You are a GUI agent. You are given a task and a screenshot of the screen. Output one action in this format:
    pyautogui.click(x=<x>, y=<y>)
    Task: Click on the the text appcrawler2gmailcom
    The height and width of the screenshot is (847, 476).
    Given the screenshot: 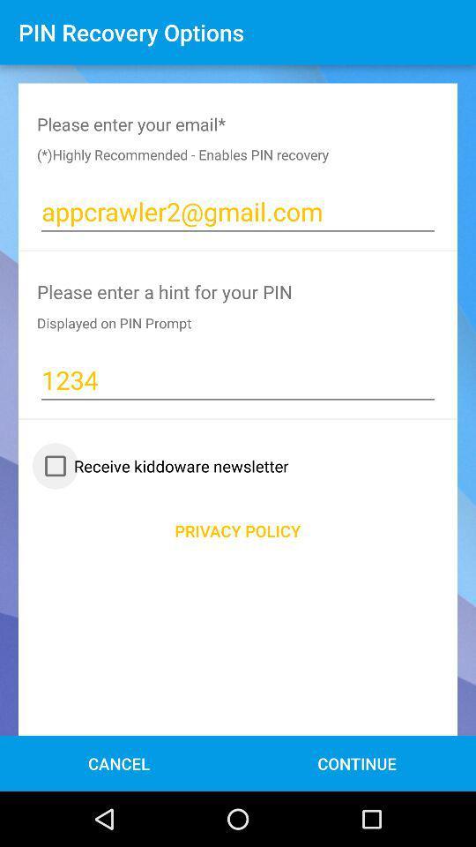 What is the action you would take?
    pyautogui.click(x=238, y=212)
    